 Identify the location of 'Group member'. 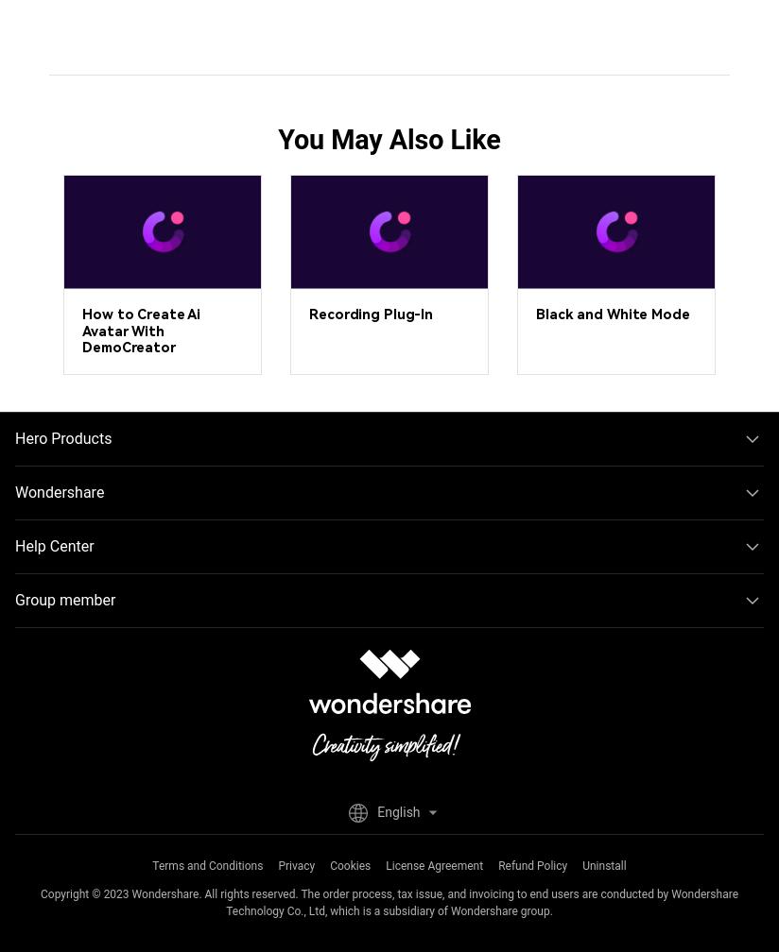
(64, 599).